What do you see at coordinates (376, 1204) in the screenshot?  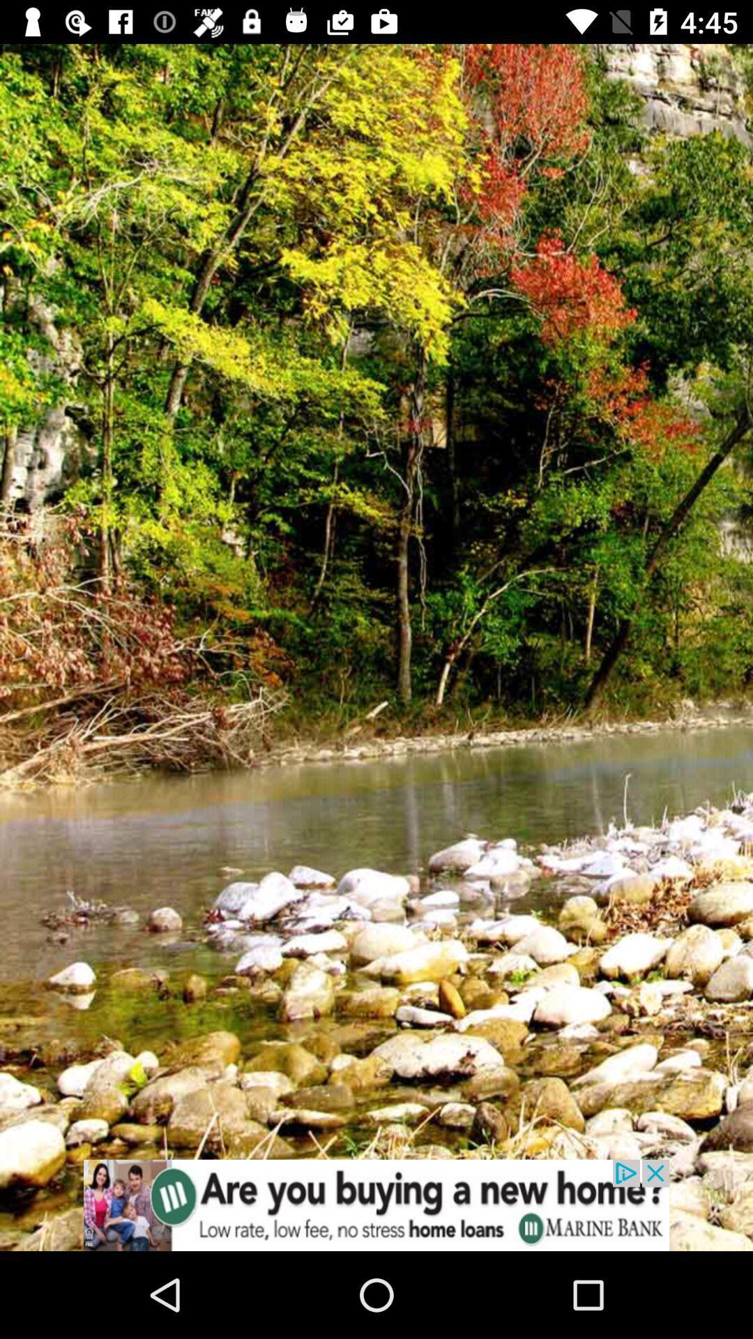 I see `option` at bounding box center [376, 1204].